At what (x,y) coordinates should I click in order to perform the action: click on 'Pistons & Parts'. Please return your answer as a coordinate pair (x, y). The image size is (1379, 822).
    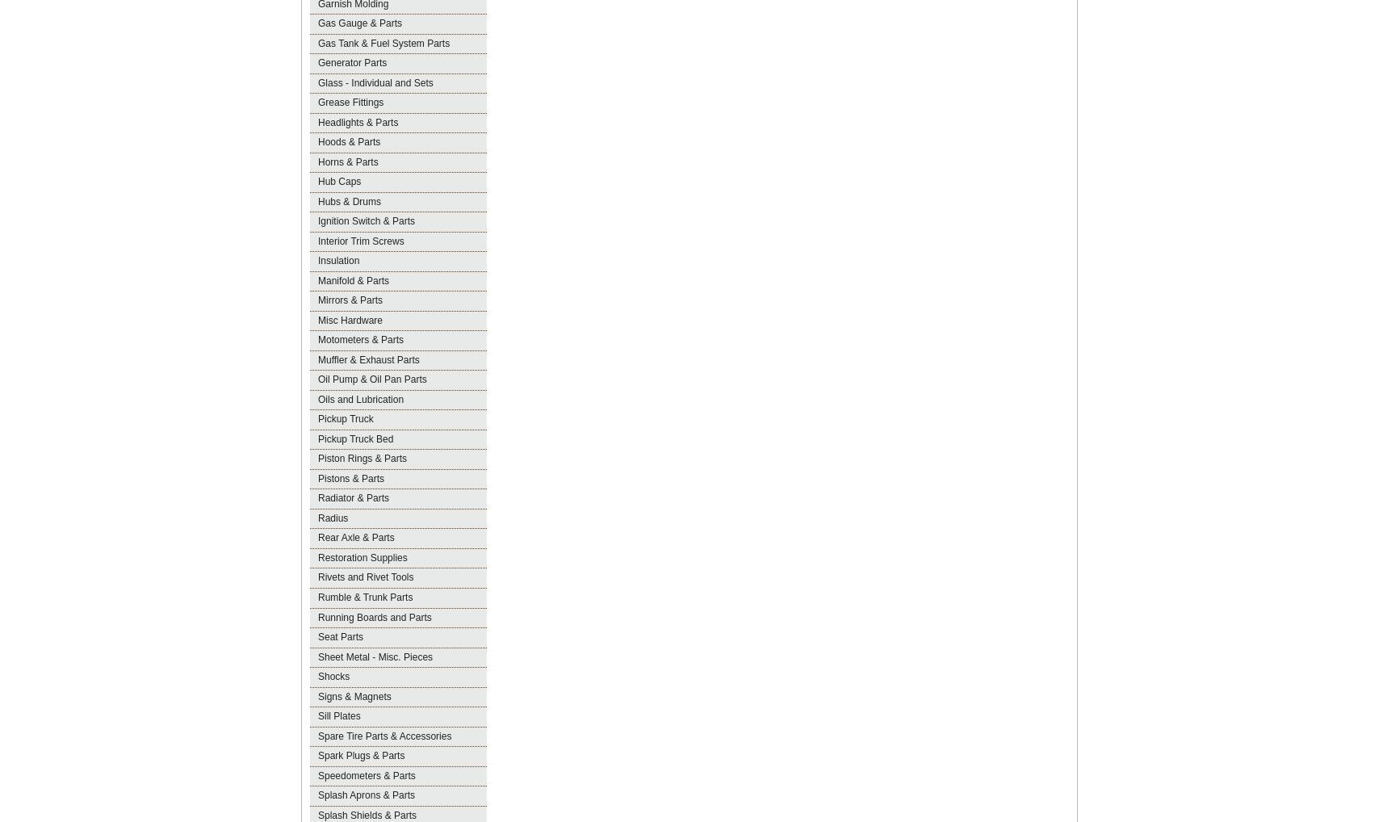
    Looking at the image, I should click on (318, 477).